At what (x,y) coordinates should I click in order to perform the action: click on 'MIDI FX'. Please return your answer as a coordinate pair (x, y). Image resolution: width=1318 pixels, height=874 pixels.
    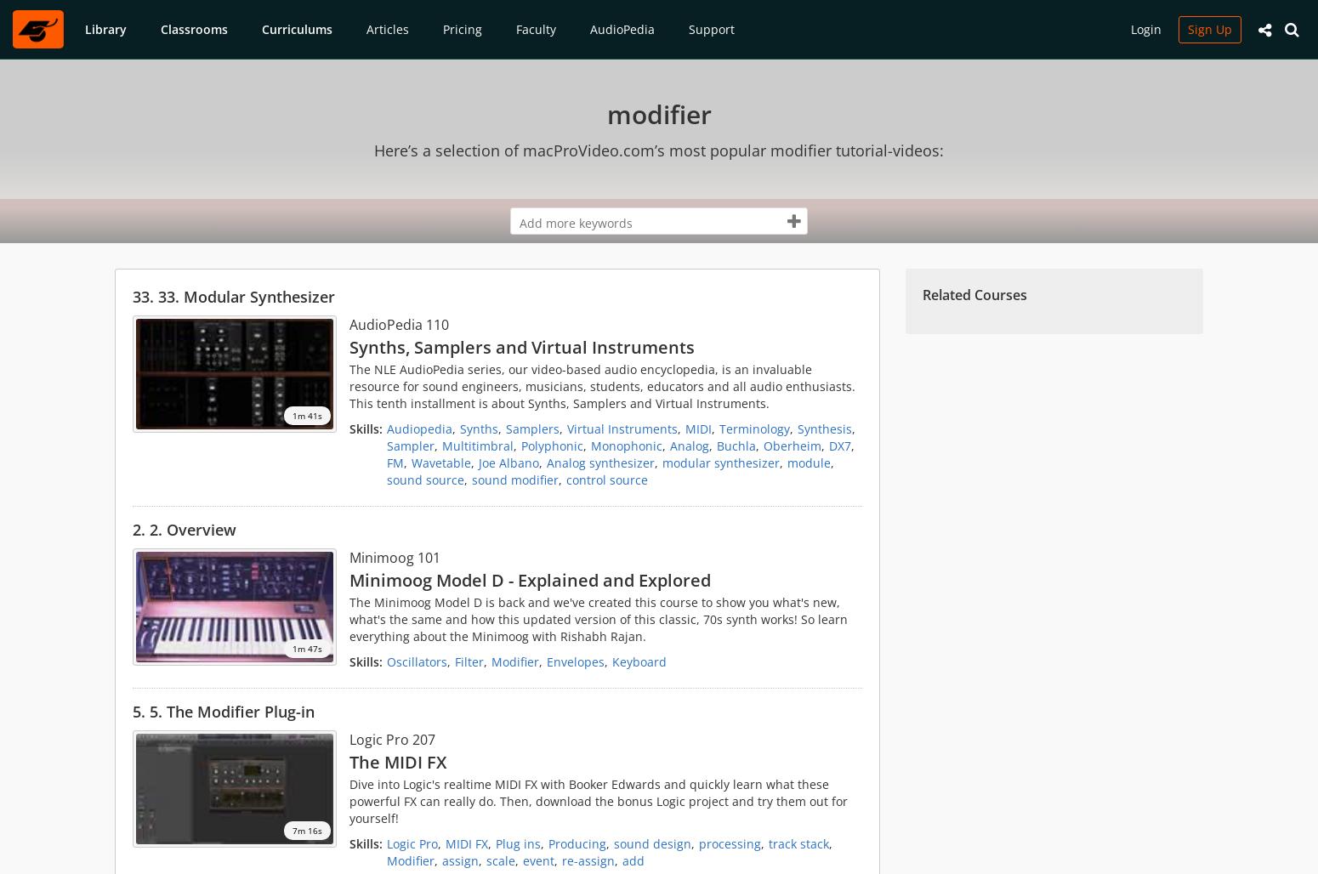
    Looking at the image, I should click on (445, 843).